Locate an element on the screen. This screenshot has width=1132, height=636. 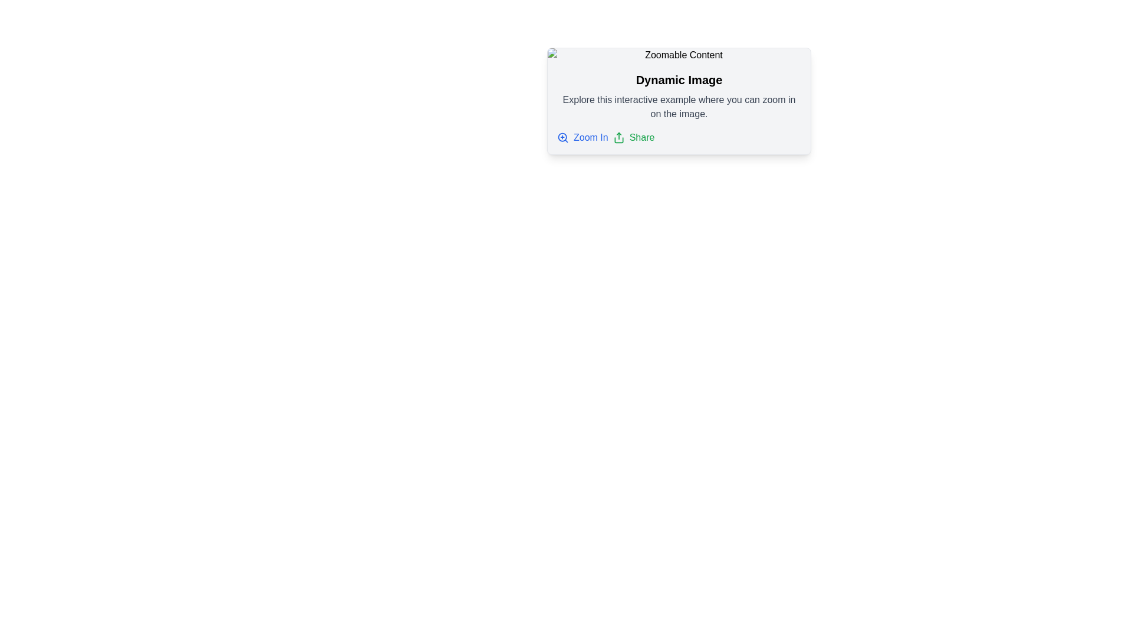
the 'Share' button with an upward arrow icon, located to the right of the 'Zoom In' button, to change its color to dark green is located at coordinates (633, 137).